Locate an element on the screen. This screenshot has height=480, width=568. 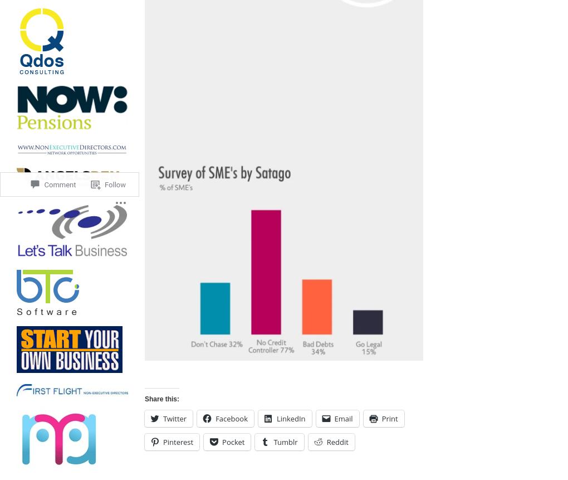
'Facebook' is located at coordinates (231, 418).